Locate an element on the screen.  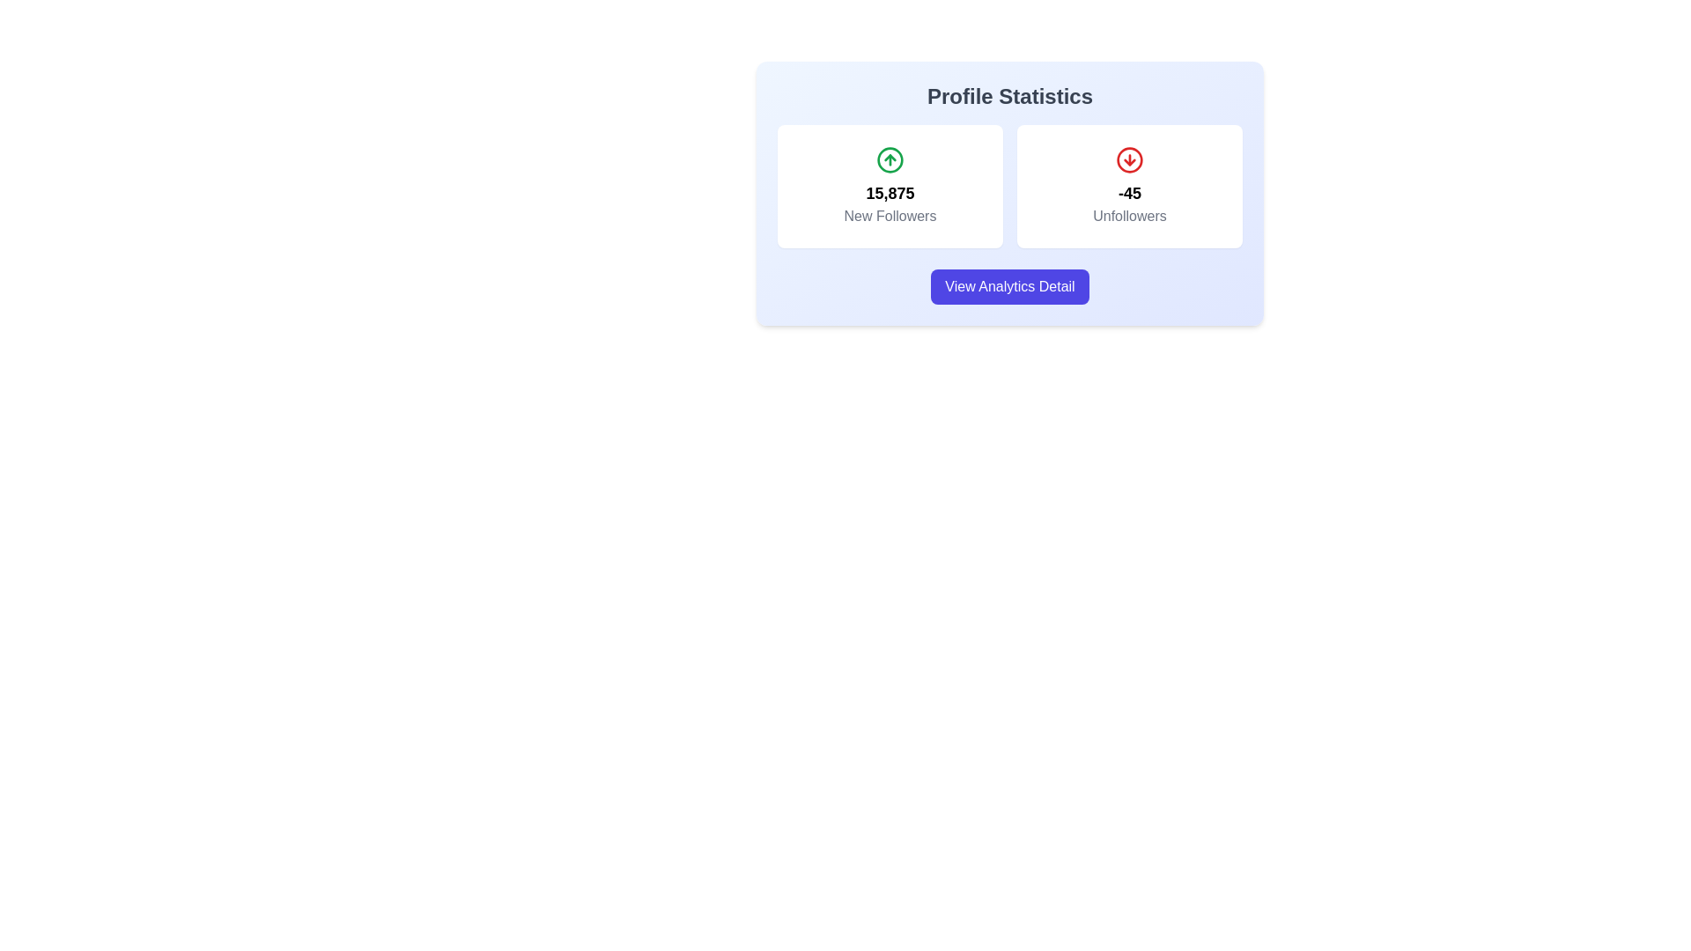
the left statistical summary card in the 'Profile Statistics' section, which contains a green upward arrow icon and the text '15,875 New Followers' is located at coordinates (890, 187).